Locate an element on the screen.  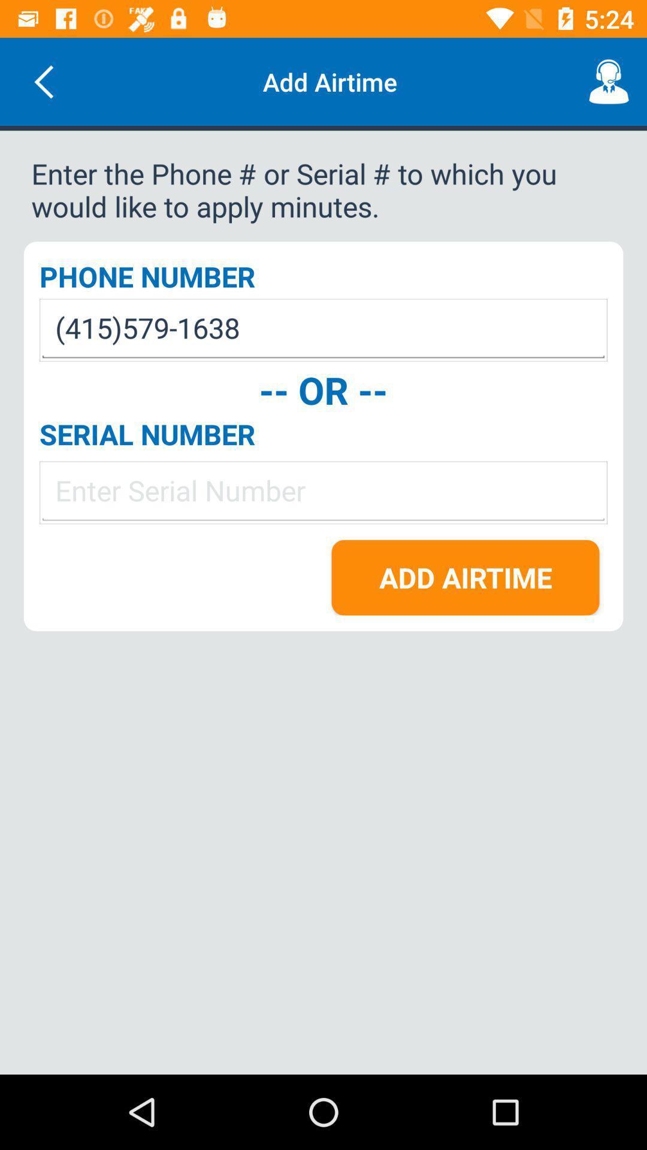
the item to the left of the add airtime is located at coordinates (43, 81).